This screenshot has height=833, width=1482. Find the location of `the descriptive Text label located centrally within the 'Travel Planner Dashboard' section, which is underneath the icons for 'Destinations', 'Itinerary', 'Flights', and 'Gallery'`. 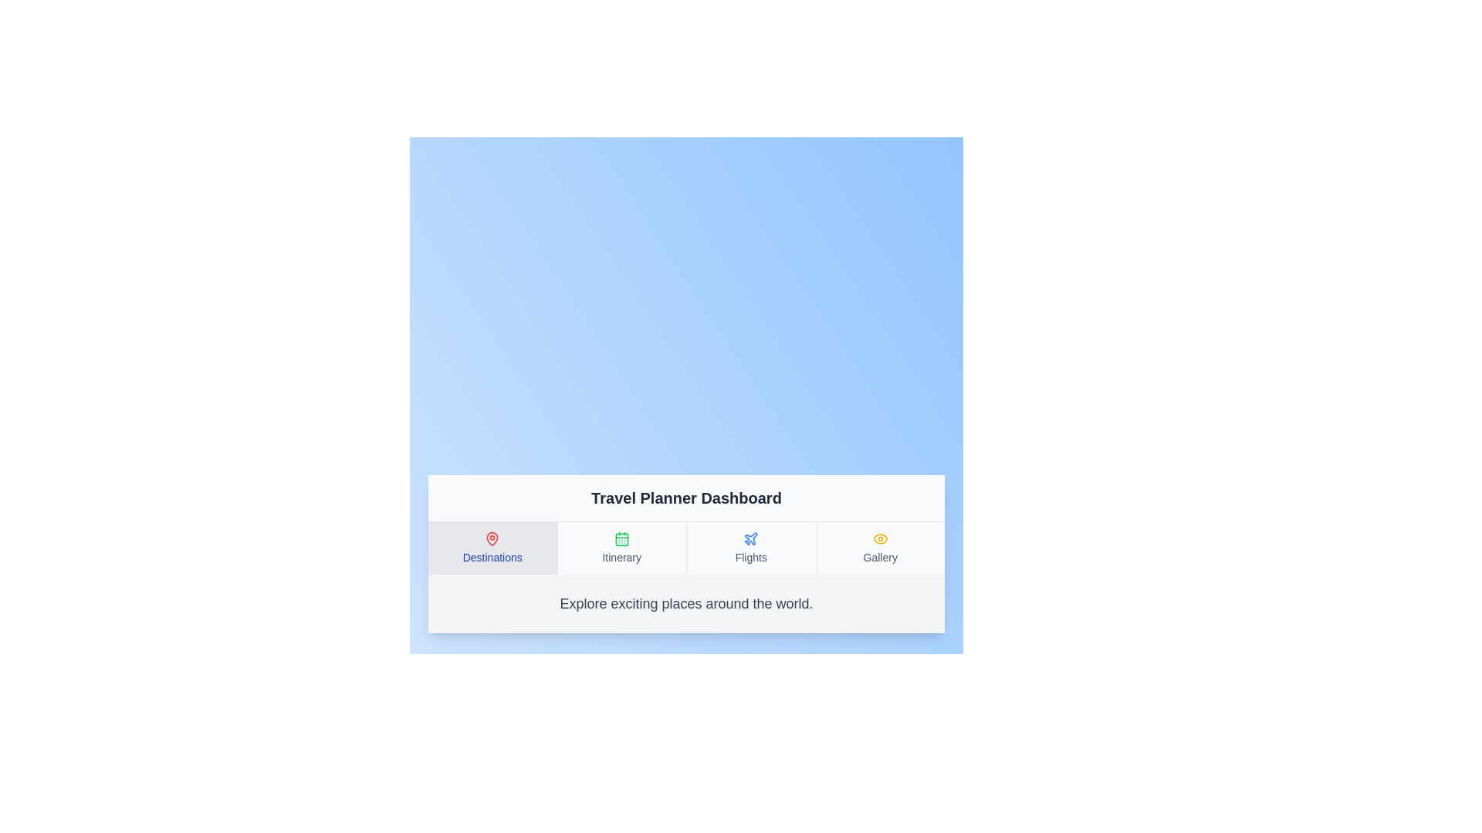

the descriptive Text label located centrally within the 'Travel Planner Dashboard' section, which is underneath the icons for 'Destinations', 'Itinerary', 'Flights', and 'Gallery' is located at coordinates (685, 602).